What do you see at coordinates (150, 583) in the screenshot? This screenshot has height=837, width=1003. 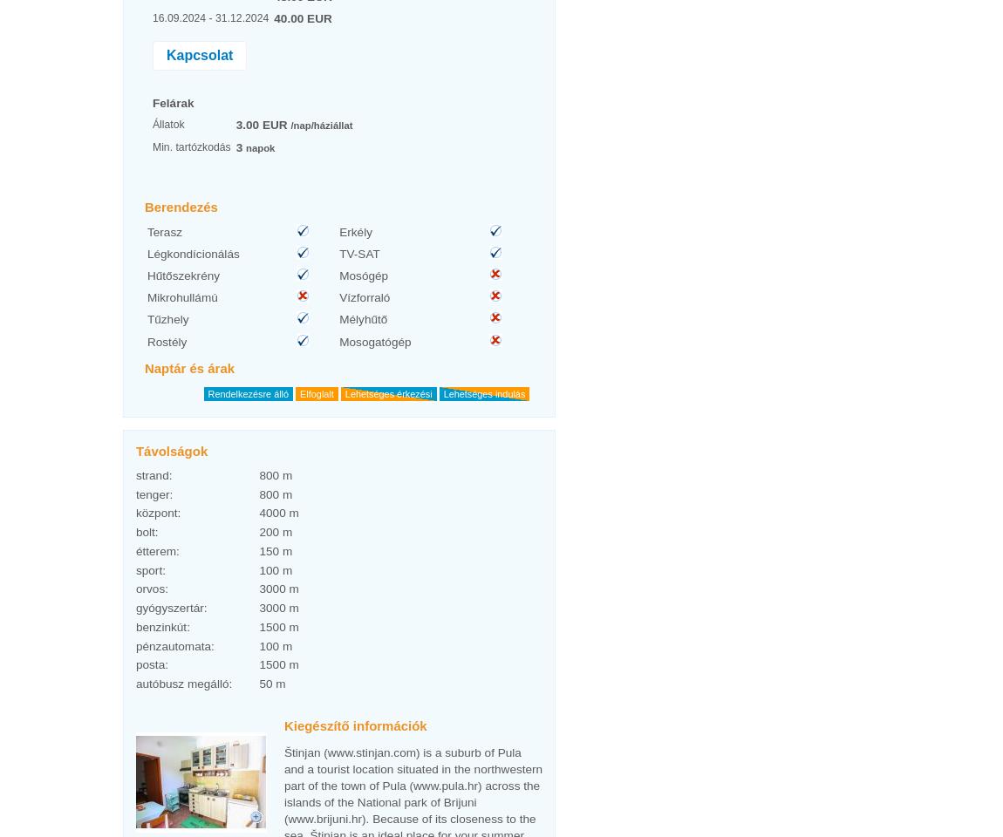 I see `'03.06.2024 - 14.07.2024'` at bounding box center [150, 583].